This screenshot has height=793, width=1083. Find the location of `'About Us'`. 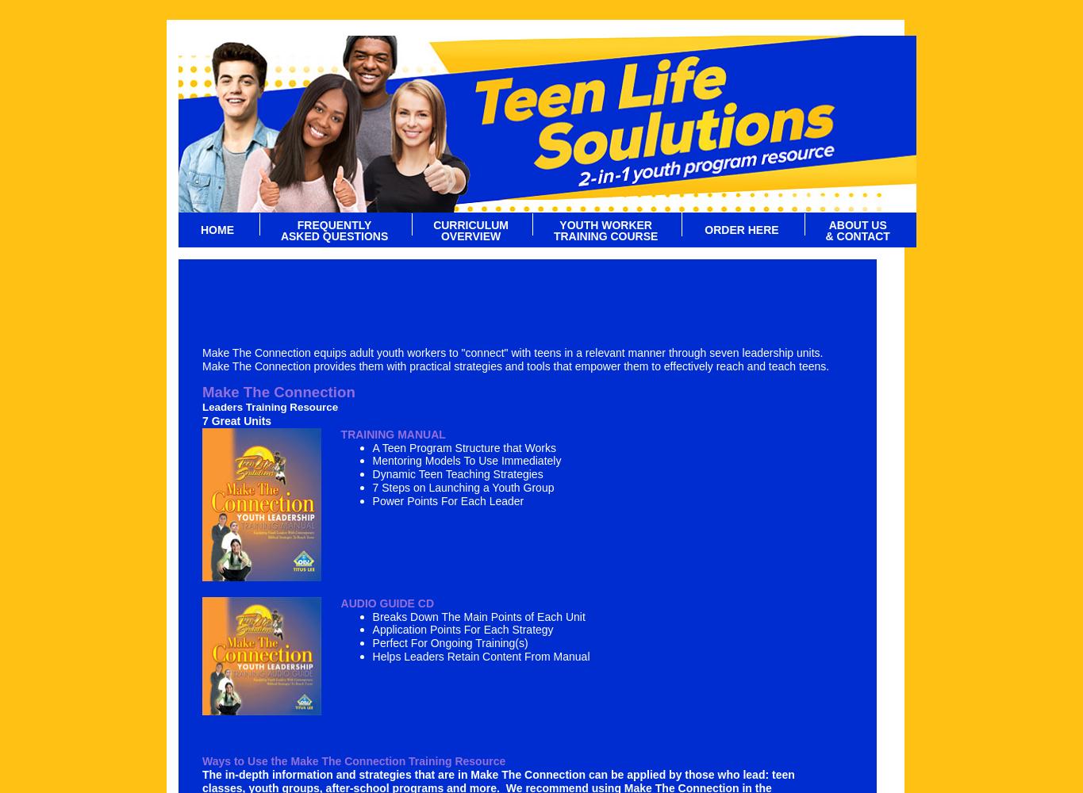

'About Us' is located at coordinates (856, 225).